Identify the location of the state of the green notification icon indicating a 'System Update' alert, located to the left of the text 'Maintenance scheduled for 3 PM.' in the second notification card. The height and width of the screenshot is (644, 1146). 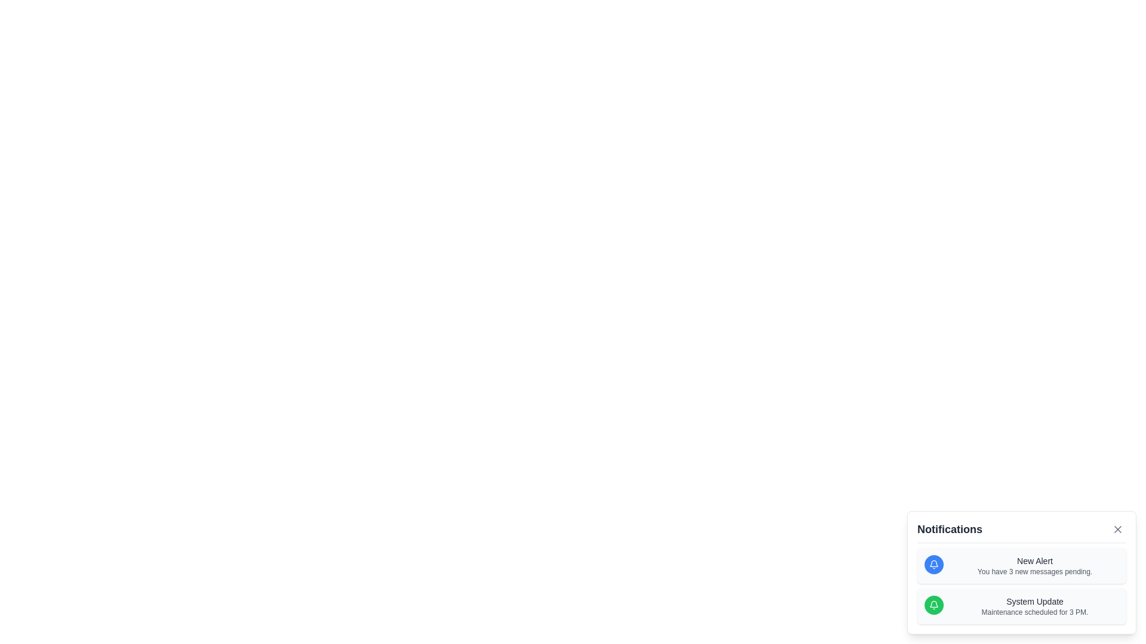
(933, 605).